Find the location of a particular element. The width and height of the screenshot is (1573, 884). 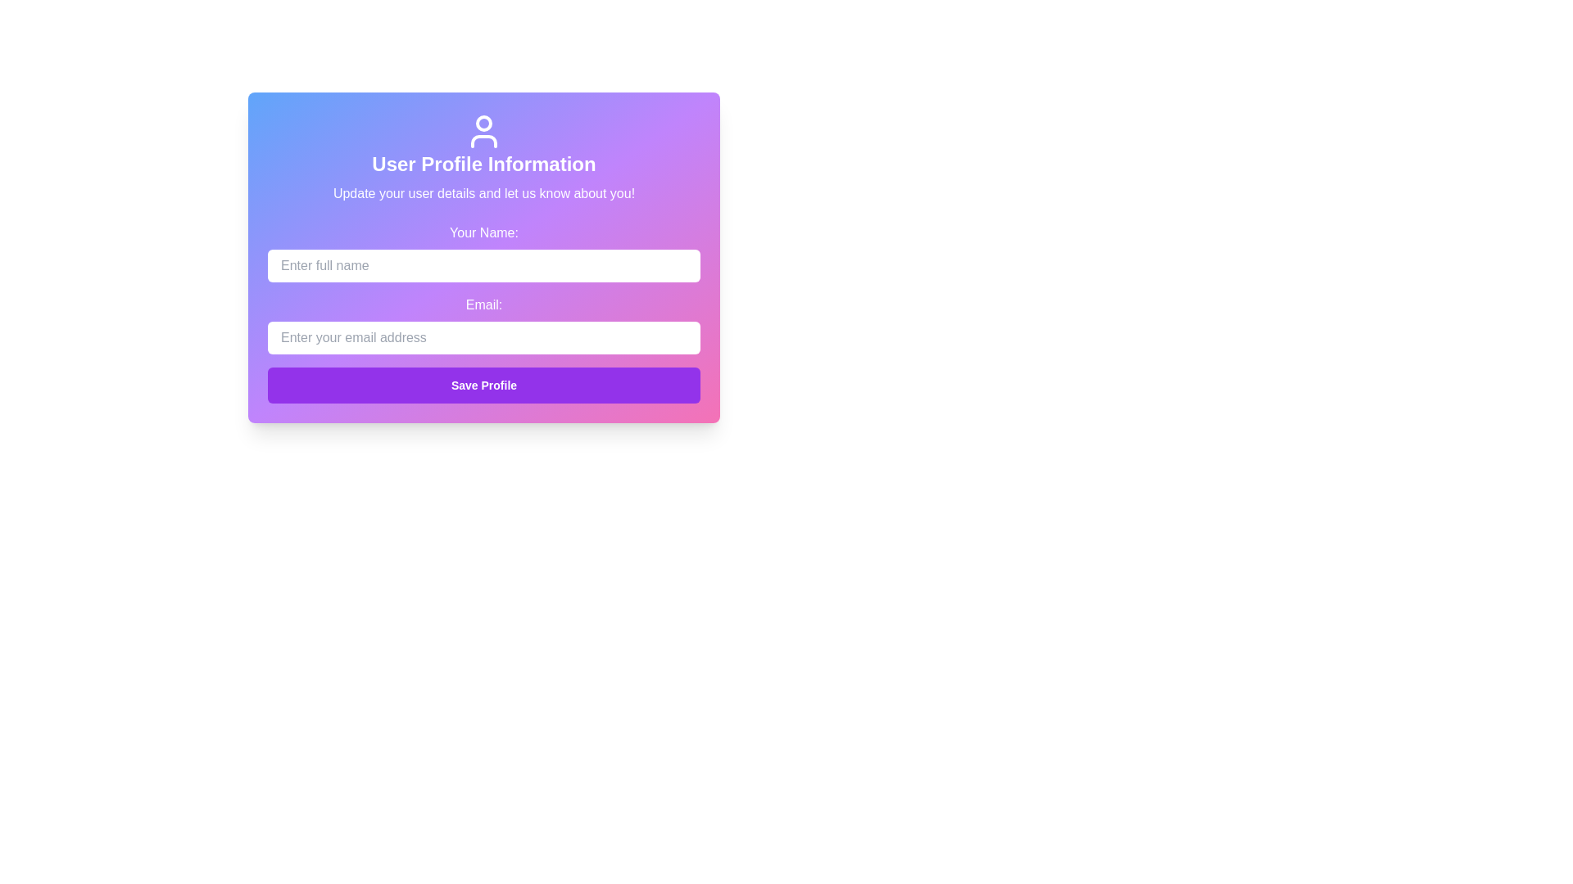

the text input field labeled 'Your Name:' to focus on it is located at coordinates (483, 252).